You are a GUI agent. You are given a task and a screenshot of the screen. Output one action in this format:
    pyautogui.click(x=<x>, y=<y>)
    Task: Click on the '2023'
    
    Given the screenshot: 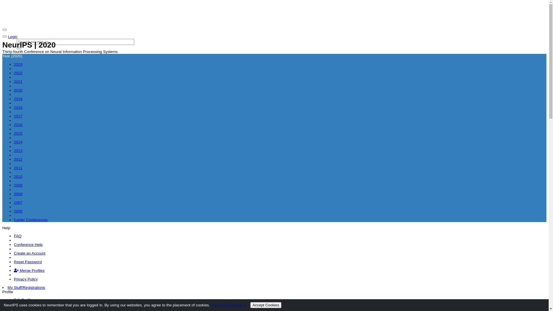 What is the action you would take?
    pyautogui.click(x=18, y=64)
    